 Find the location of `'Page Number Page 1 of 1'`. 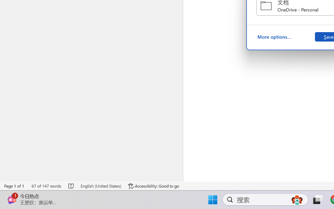

'Page Number Page 1 of 1' is located at coordinates (14, 186).